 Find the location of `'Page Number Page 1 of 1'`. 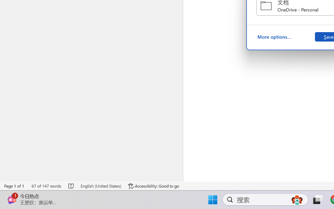

'Page Number Page 1 of 1' is located at coordinates (14, 186).